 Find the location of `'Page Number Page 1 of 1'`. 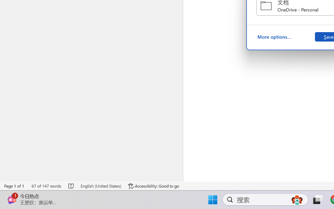

'Page Number Page 1 of 1' is located at coordinates (14, 186).